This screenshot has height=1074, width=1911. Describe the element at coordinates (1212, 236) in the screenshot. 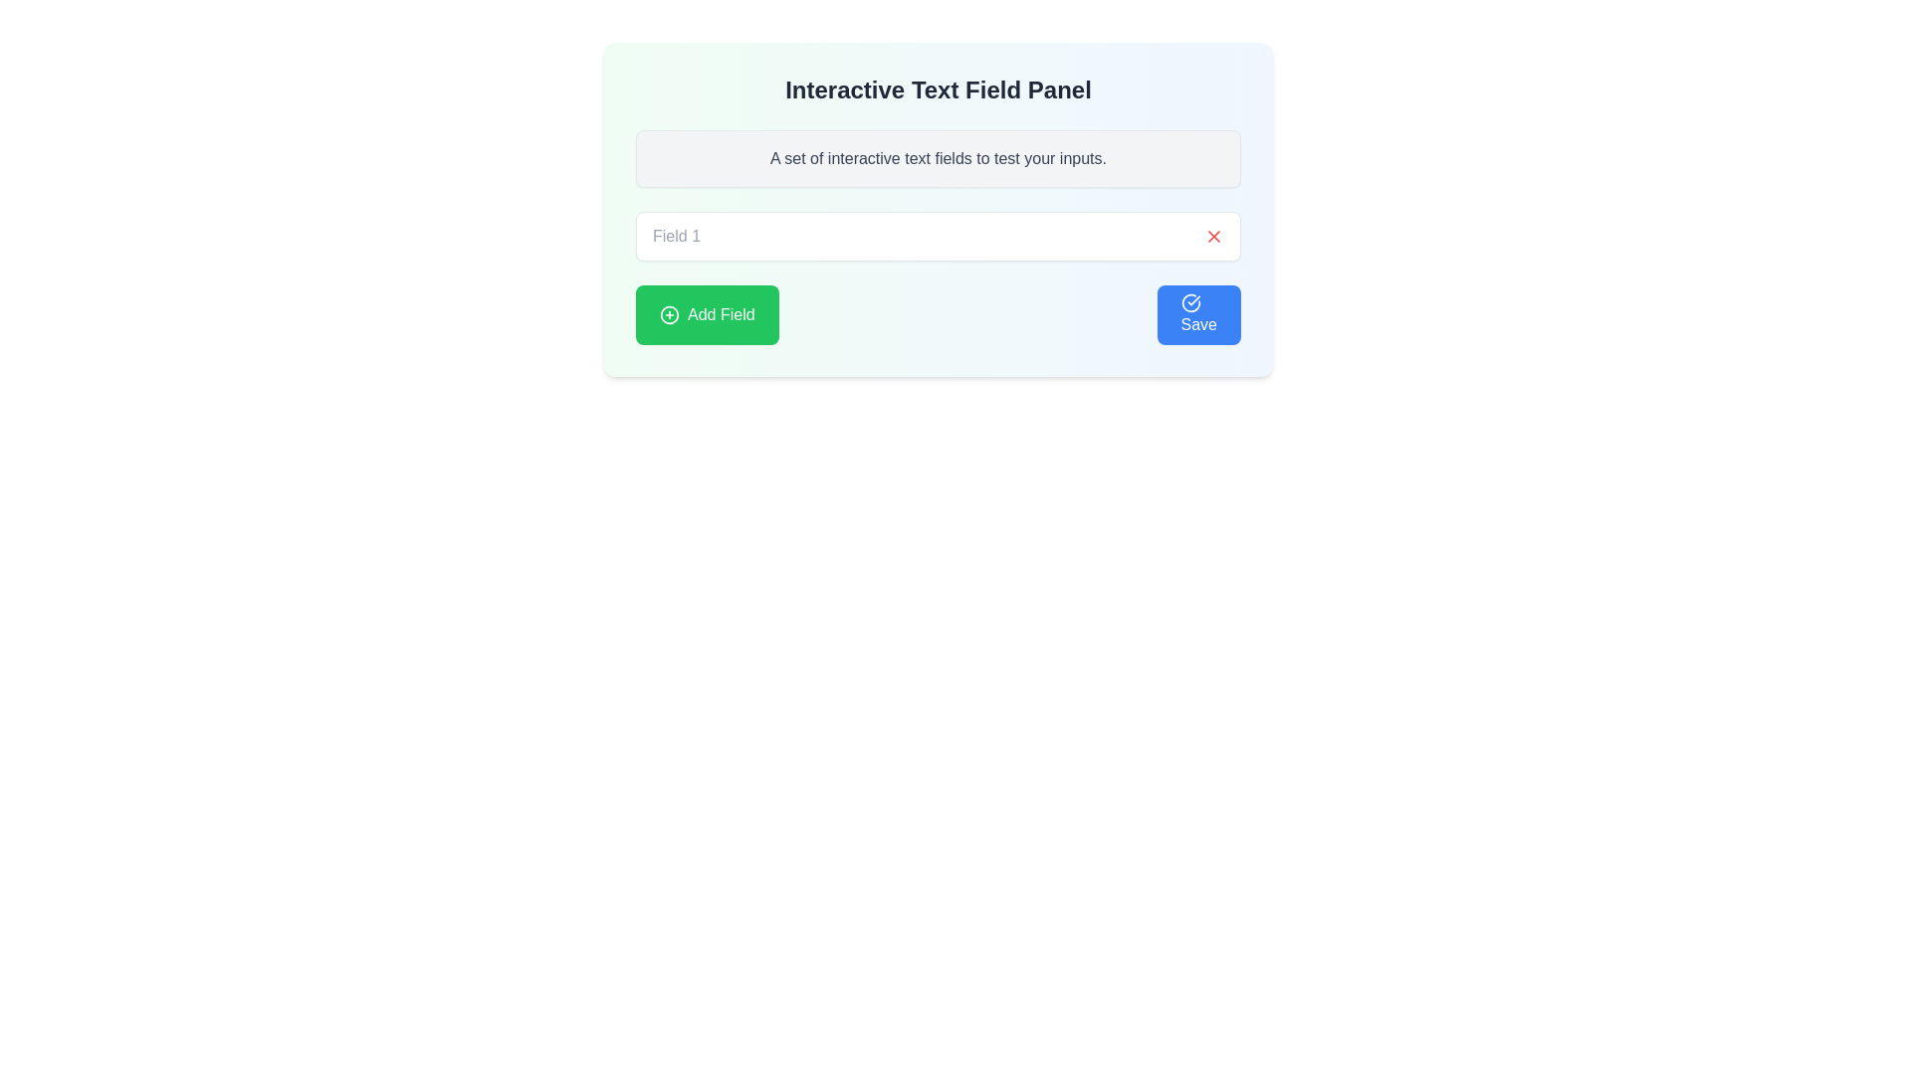

I see `the small red 'X' icon located on the far-right edge of the input field labeled 'Field 1'` at that location.